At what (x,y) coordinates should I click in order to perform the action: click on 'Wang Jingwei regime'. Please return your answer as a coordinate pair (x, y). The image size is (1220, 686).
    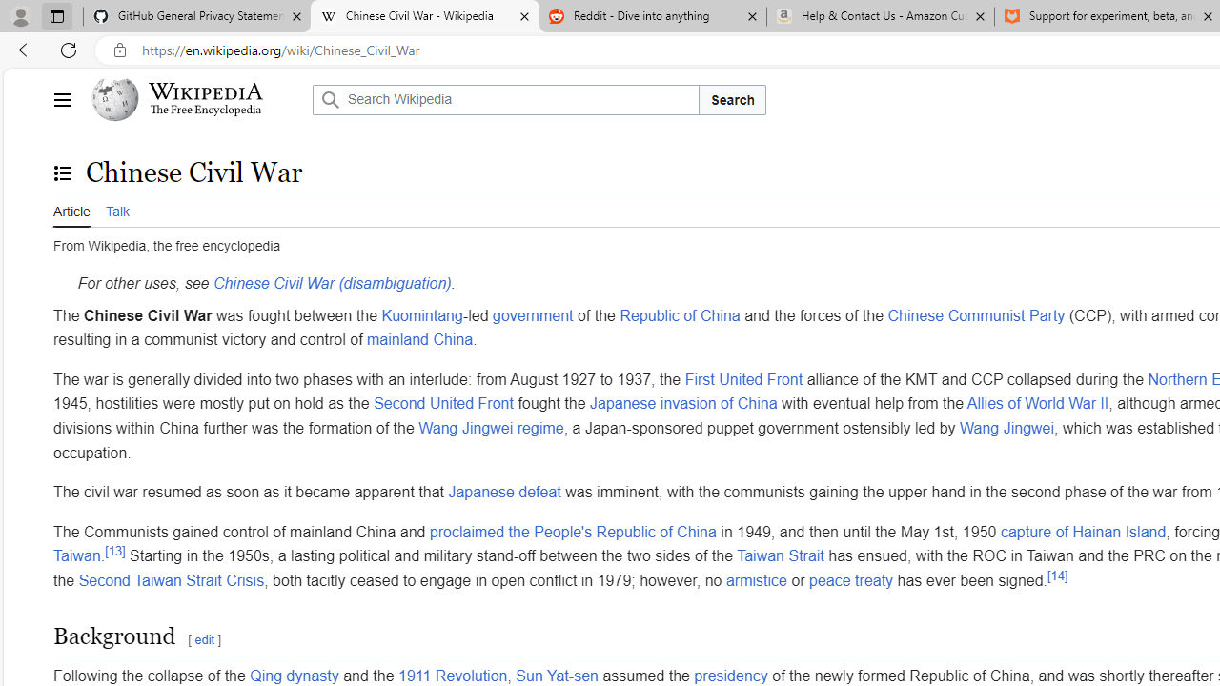
    Looking at the image, I should click on (491, 427).